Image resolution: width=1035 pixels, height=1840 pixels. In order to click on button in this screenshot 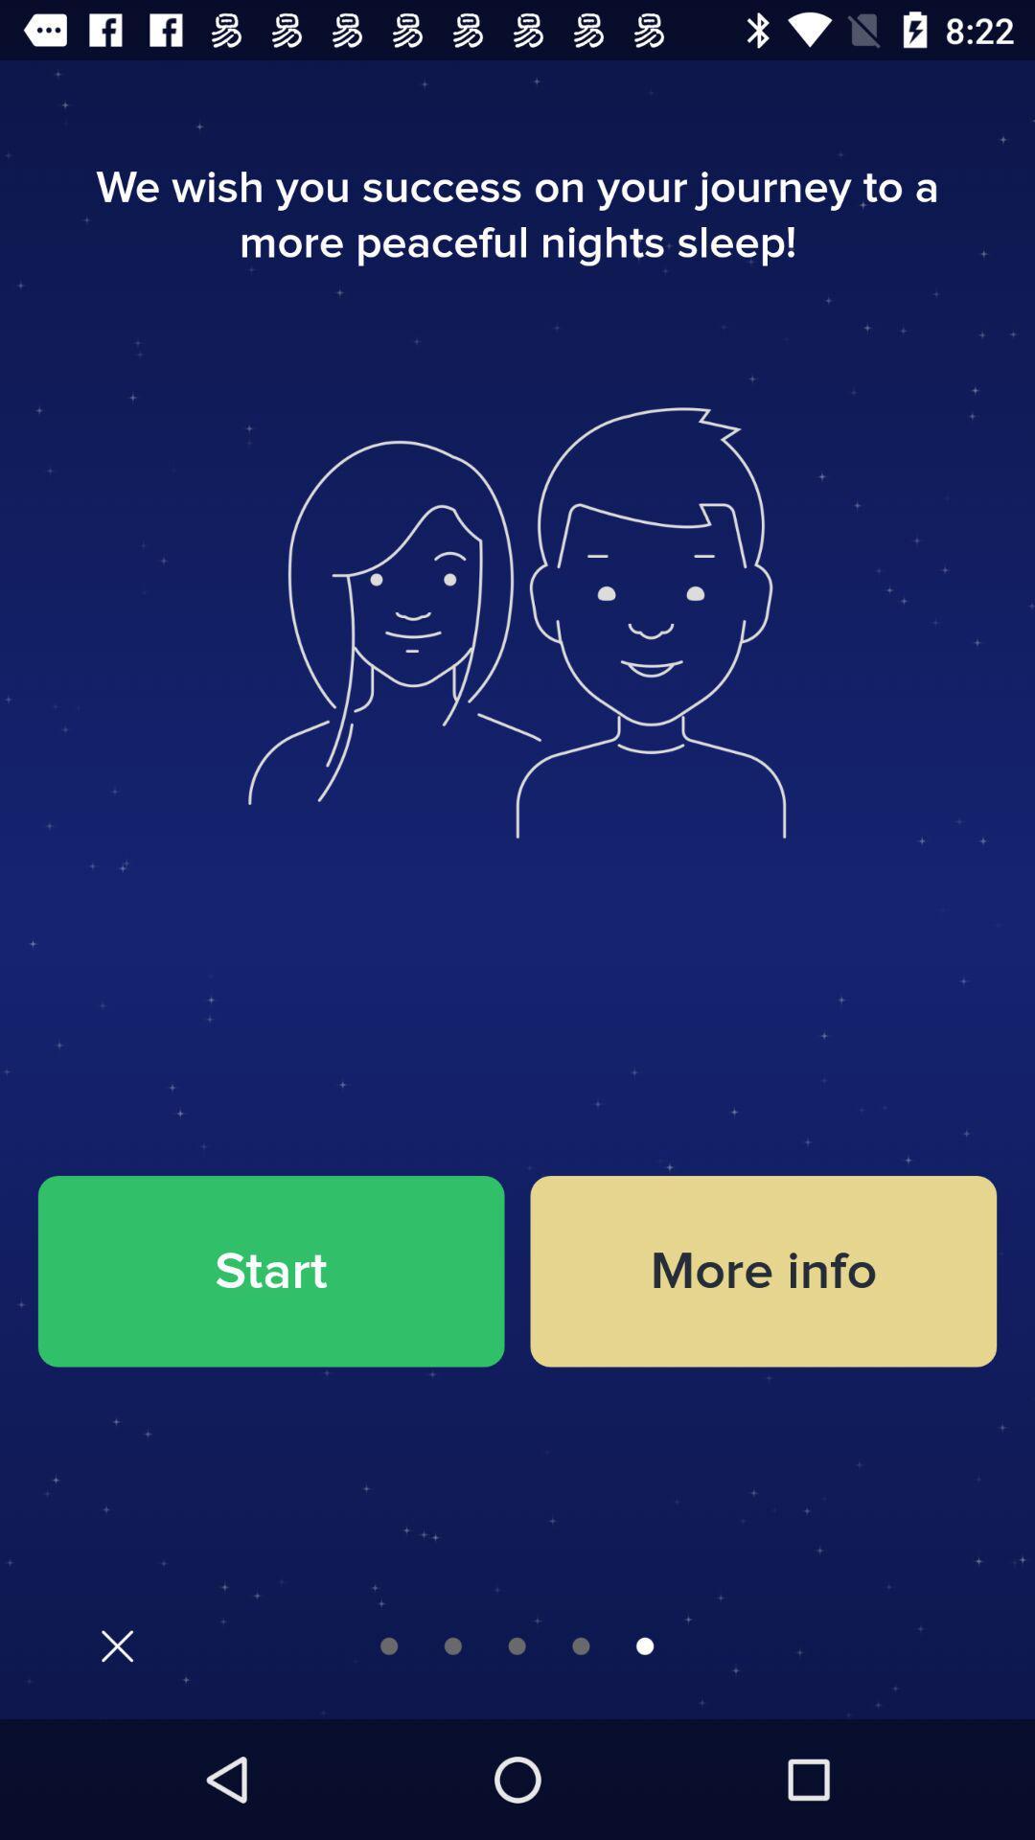, I will do `click(117, 1644)`.